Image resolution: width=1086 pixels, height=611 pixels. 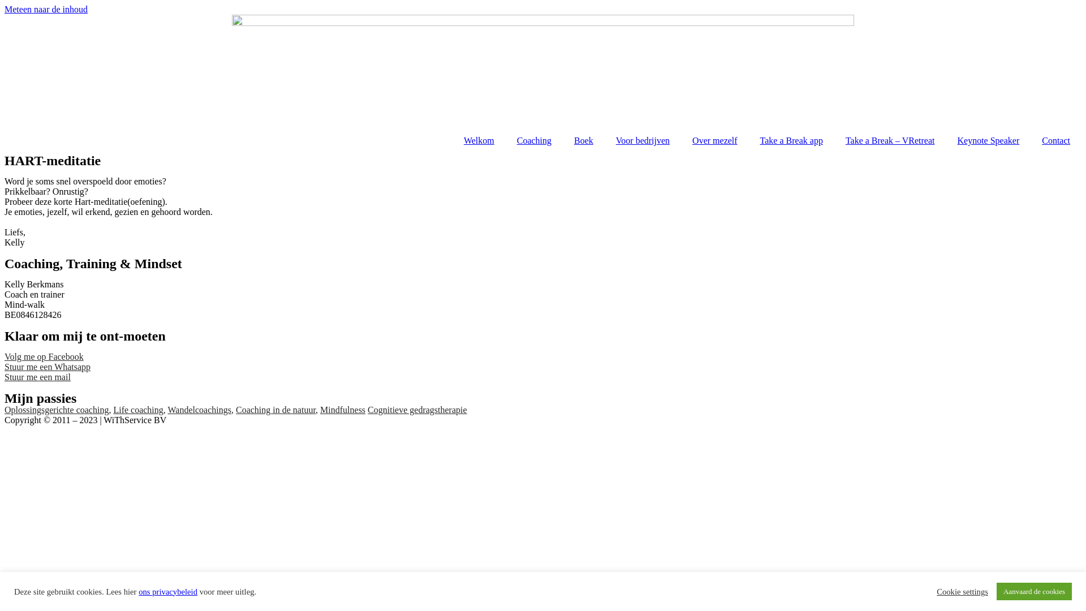 I want to click on 'Voor bedrijven', so click(x=604, y=140).